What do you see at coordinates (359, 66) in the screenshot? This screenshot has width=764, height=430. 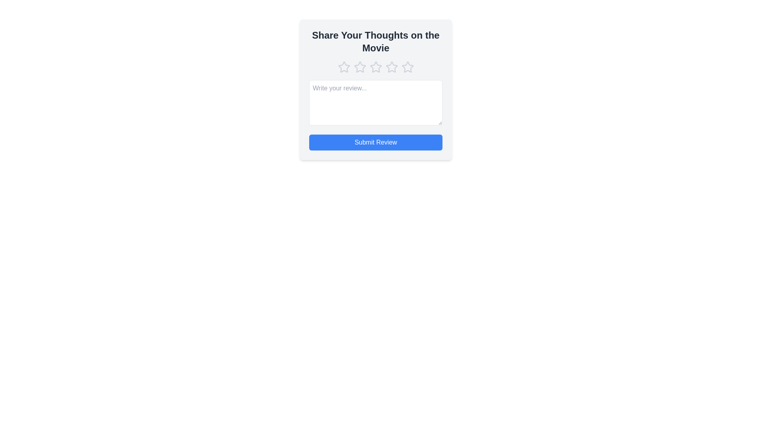 I see `the second star icon in the movie rating system` at bounding box center [359, 66].